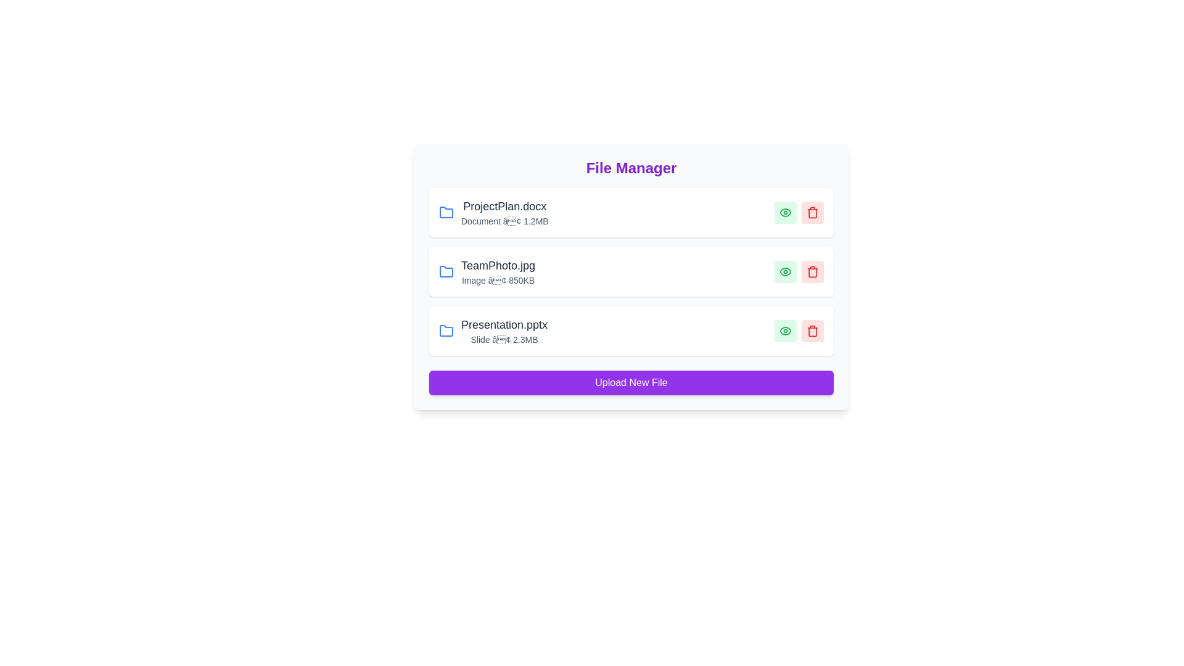  I want to click on eye icon to view details of the file ProjectPlan.docx, so click(784, 212).